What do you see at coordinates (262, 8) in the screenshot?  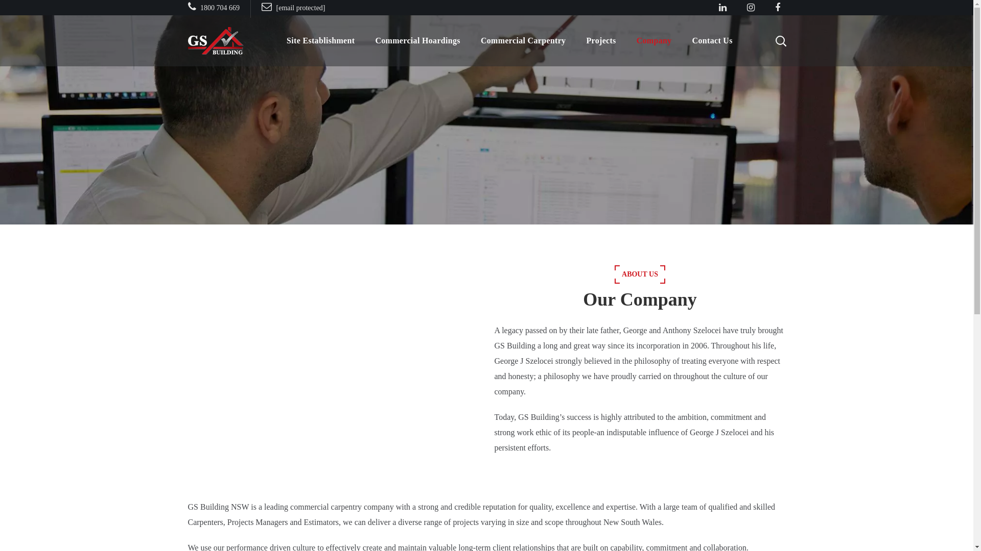 I see `'[email protected]'` at bounding box center [262, 8].